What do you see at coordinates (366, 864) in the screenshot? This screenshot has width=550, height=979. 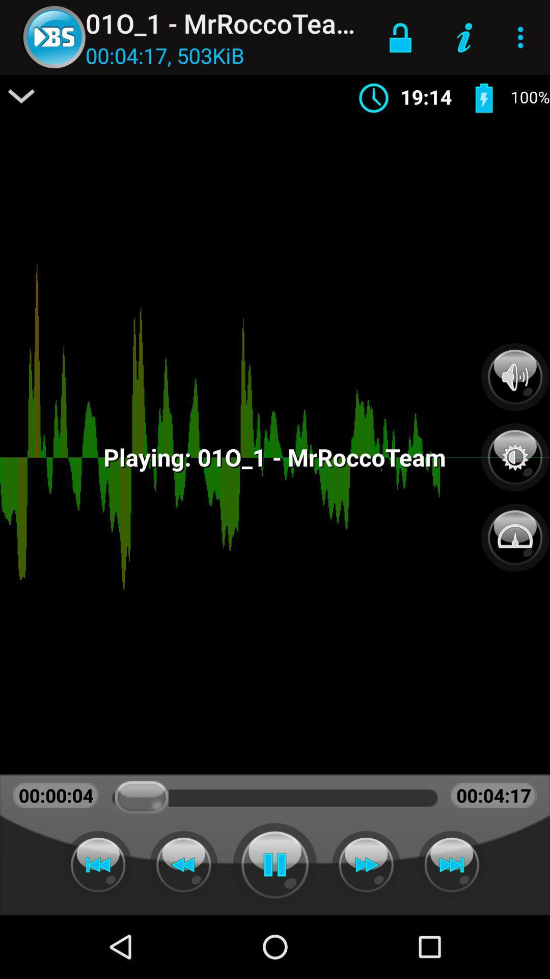 I see `forward button` at bounding box center [366, 864].